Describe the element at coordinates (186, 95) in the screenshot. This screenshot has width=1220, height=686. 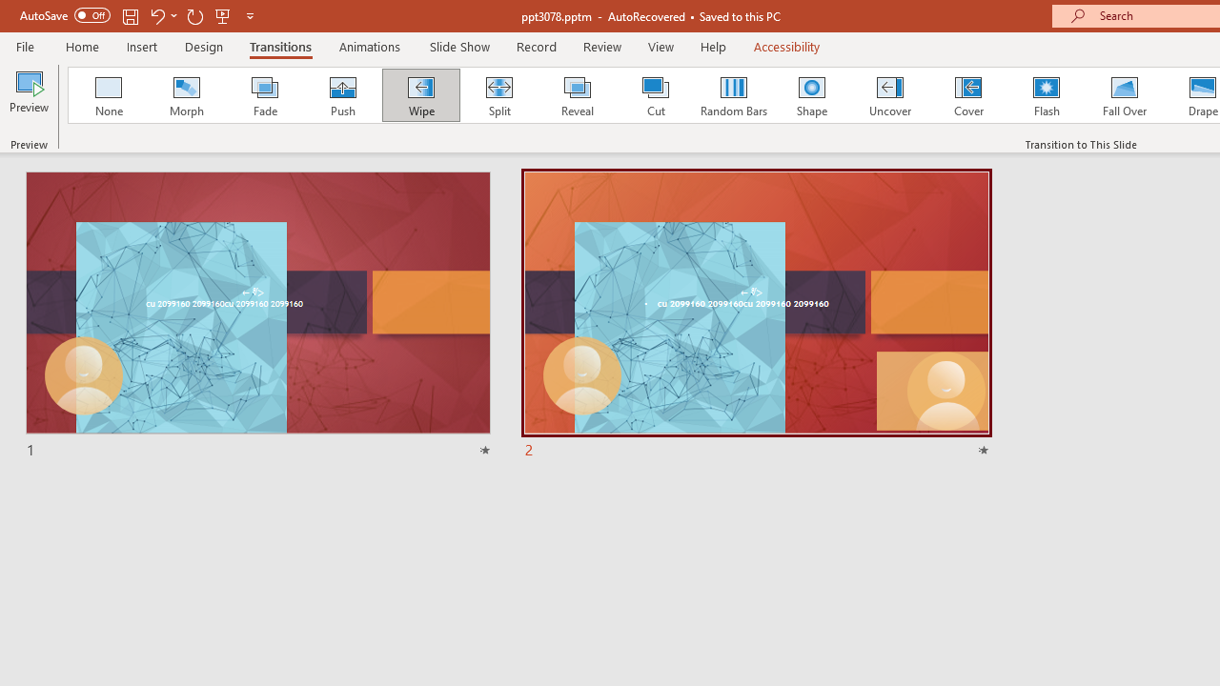
I see `'Morph'` at that location.